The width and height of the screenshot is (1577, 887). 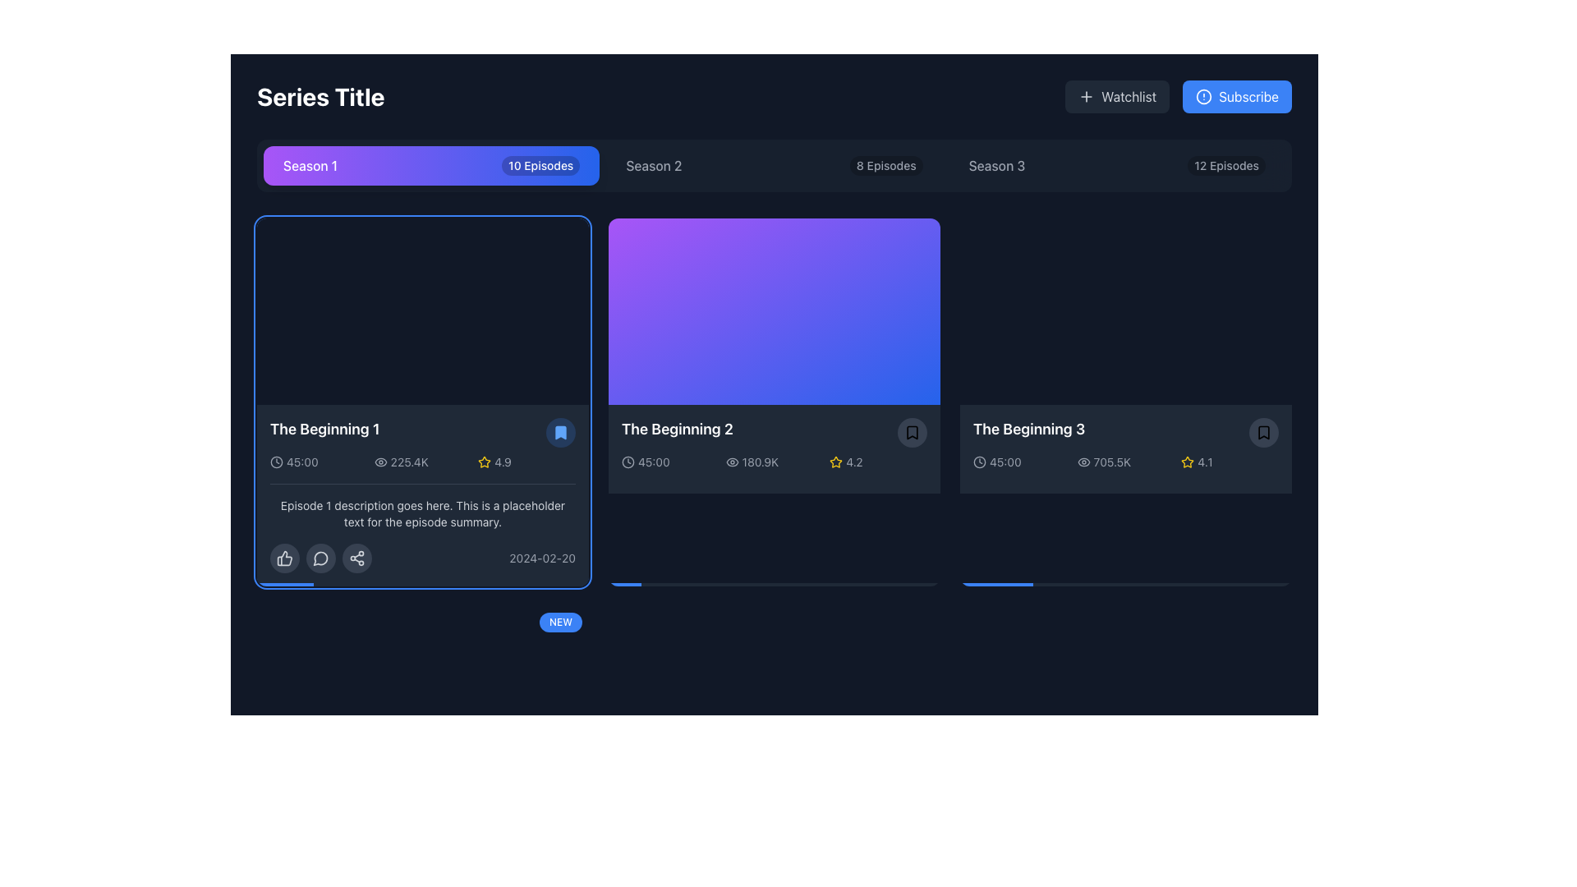 I want to click on the bookmark button located in the top-right corner of 'The Beginning 2' episode card, so click(x=911, y=432).